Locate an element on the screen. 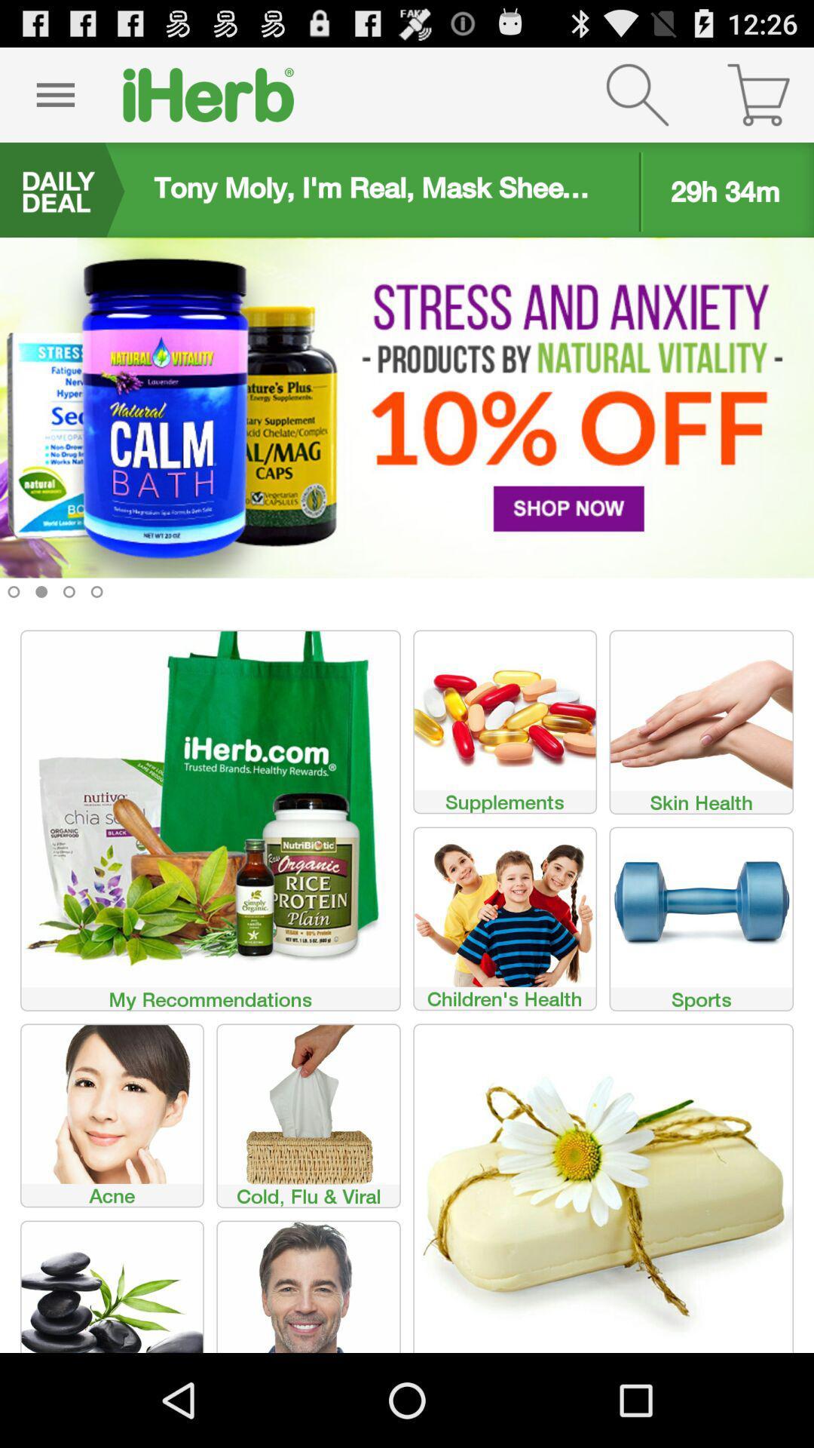 The image size is (814, 1448). go search is located at coordinates (637, 94).